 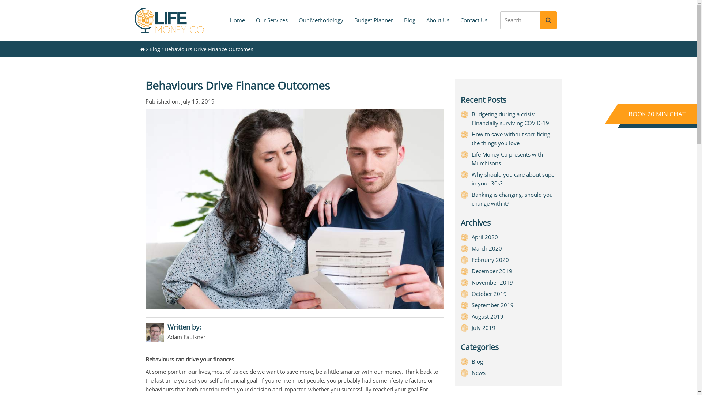 What do you see at coordinates (492, 282) in the screenshot?
I see `'November 2019'` at bounding box center [492, 282].